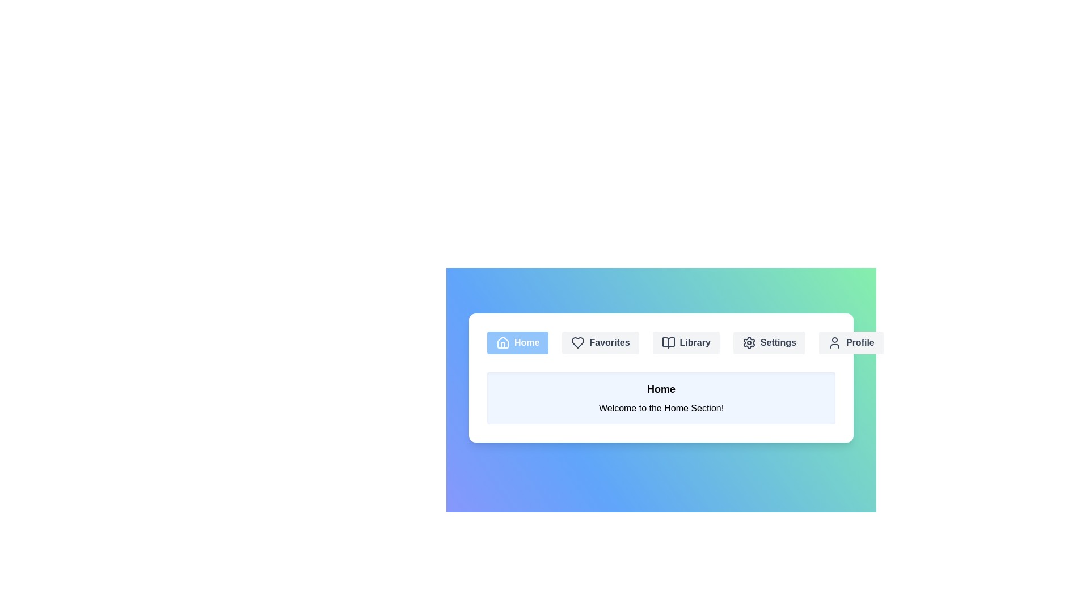 Image resolution: width=1089 pixels, height=612 pixels. Describe the element at coordinates (769, 342) in the screenshot. I see `the 'Settings' button in the navigation bar to activate the hover styling effect` at that location.